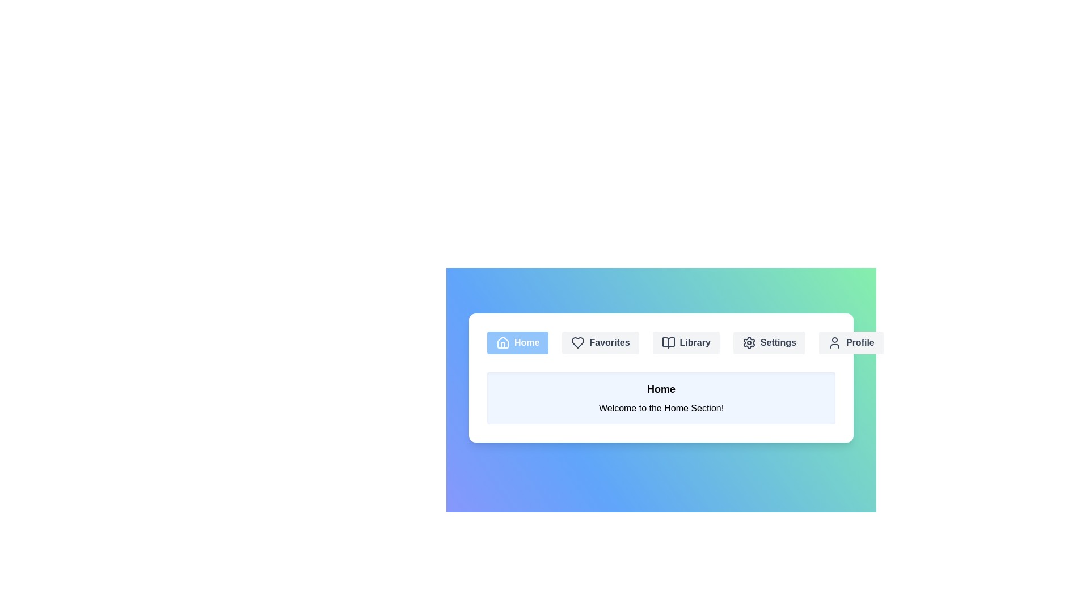 Image resolution: width=1089 pixels, height=612 pixels. Describe the element at coordinates (769, 342) in the screenshot. I see `the 'Settings' button in the navigation bar to activate the hover styling effect` at that location.